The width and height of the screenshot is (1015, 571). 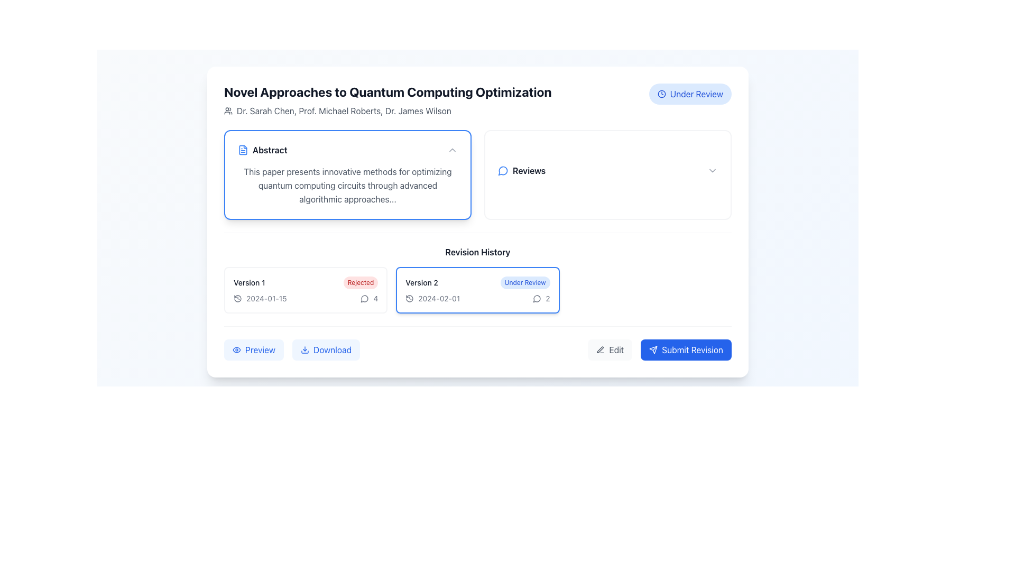 What do you see at coordinates (369, 298) in the screenshot?
I see `the Badge with a speech balloon icon and the numerical label '4', located at the bottom right section of the 'Version 1' card in the revision history, aligned with the date '2024-01-15' and under the label 'Rejected'` at bounding box center [369, 298].